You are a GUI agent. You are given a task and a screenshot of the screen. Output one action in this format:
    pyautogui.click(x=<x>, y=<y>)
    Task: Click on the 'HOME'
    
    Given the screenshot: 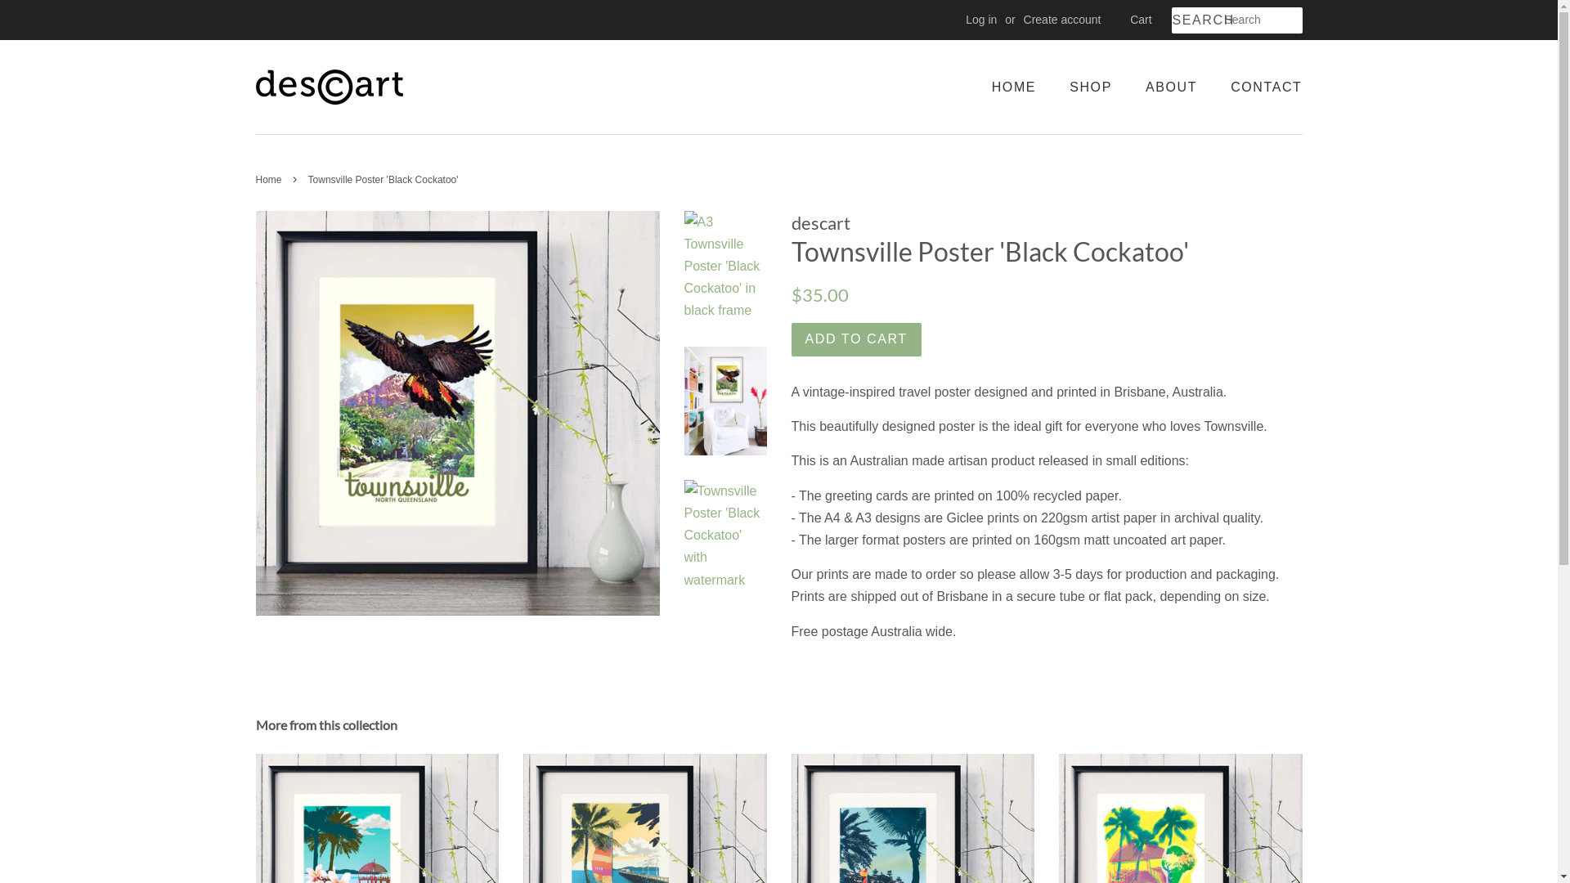 What is the action you would take?
    pyautogui.click(x=1020, y=87)
    